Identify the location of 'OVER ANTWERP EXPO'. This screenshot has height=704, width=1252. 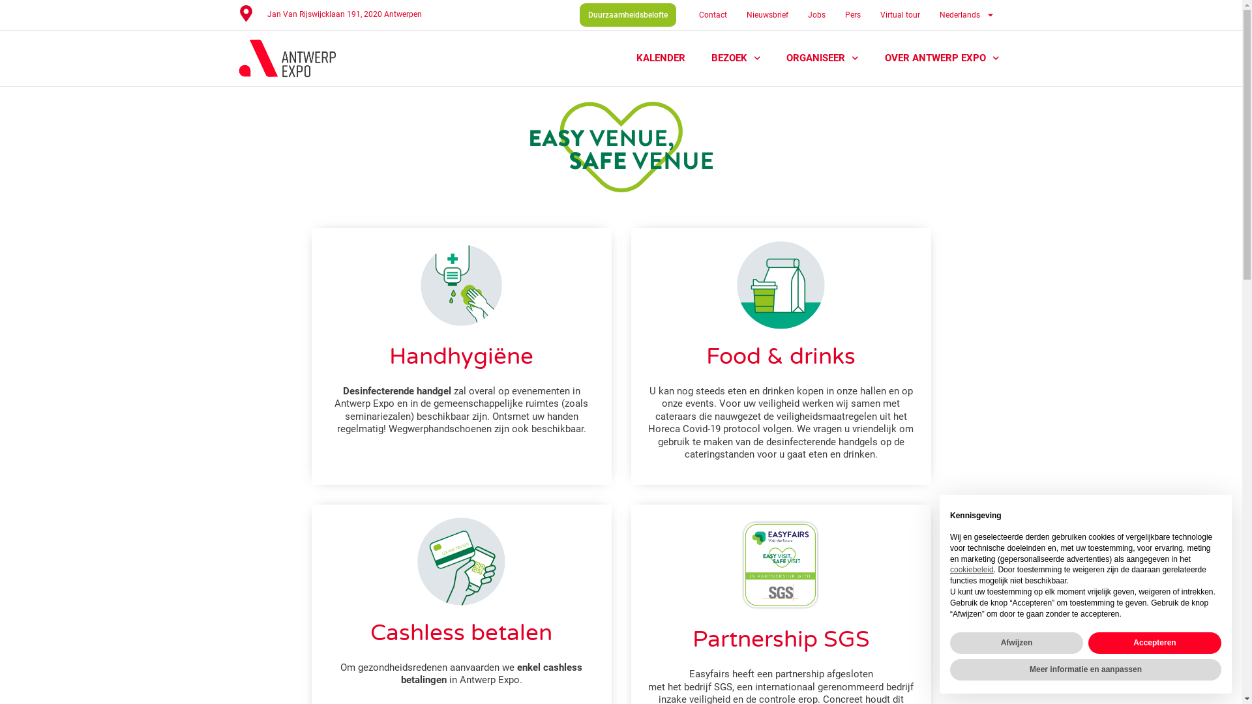
(942, 57).